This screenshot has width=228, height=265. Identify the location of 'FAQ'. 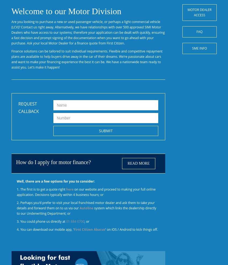
(196, 31).